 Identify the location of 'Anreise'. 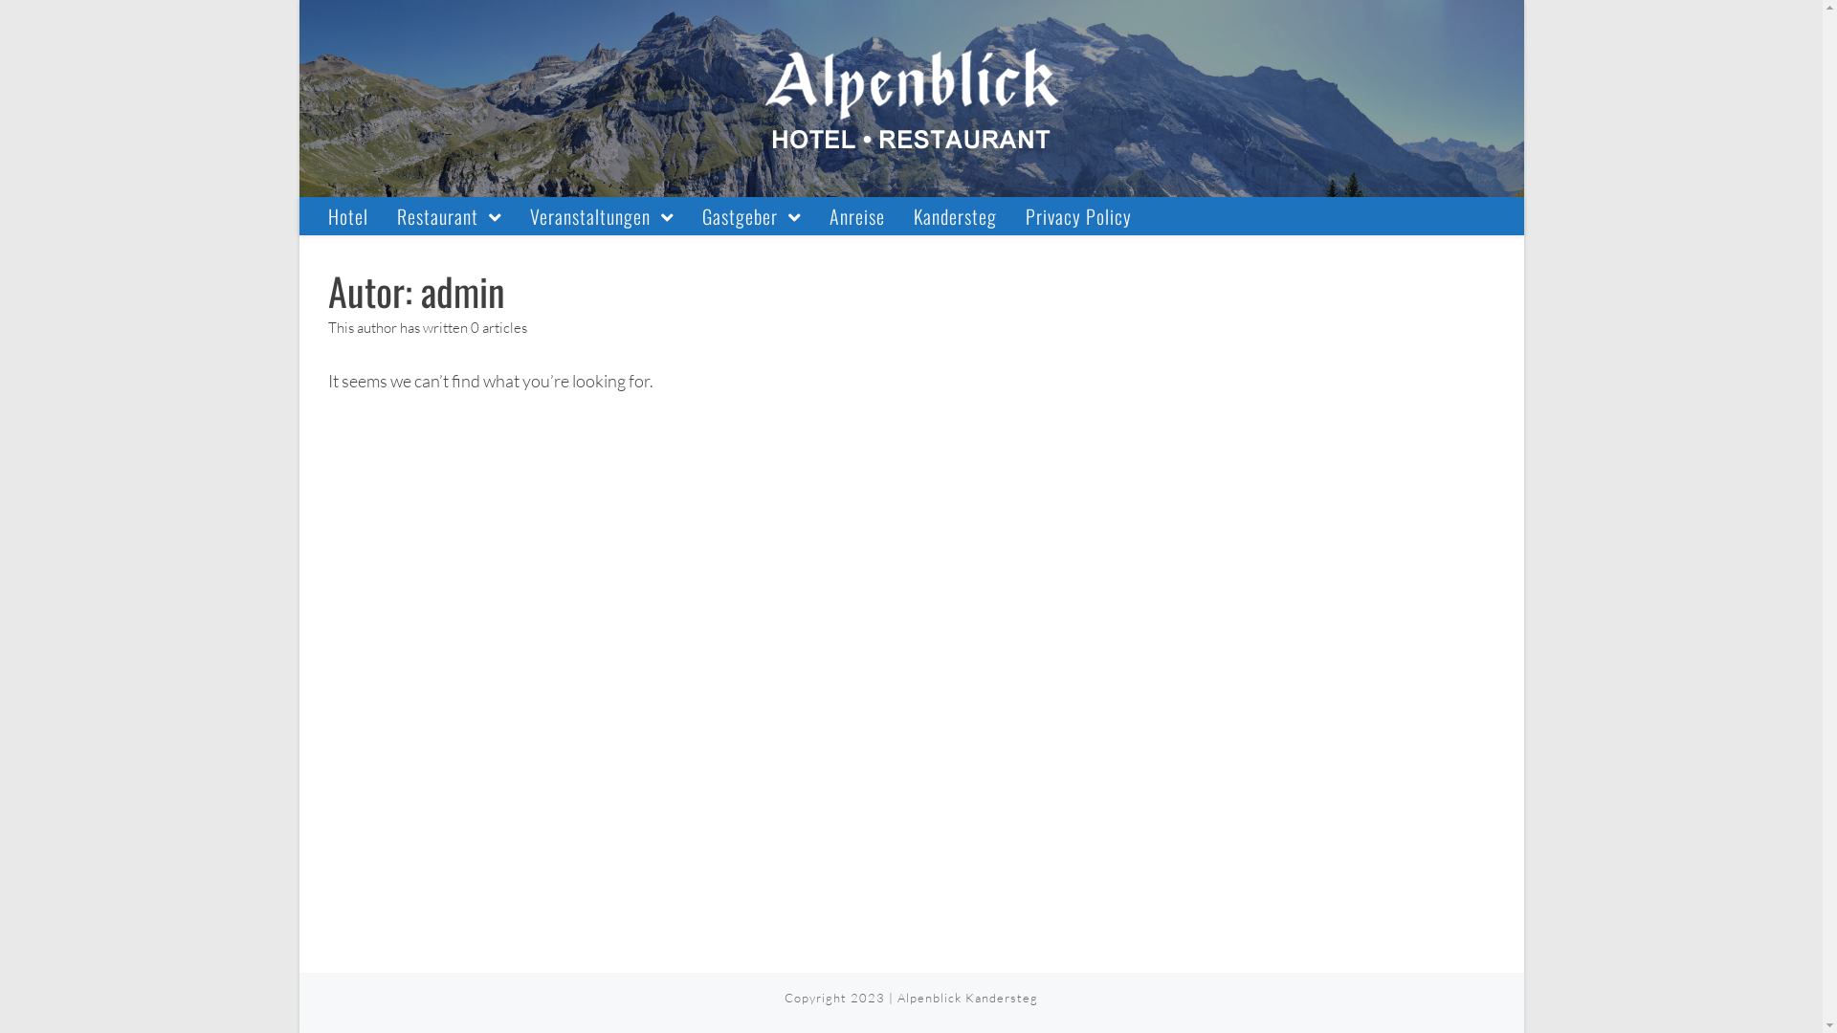
(856, 215).